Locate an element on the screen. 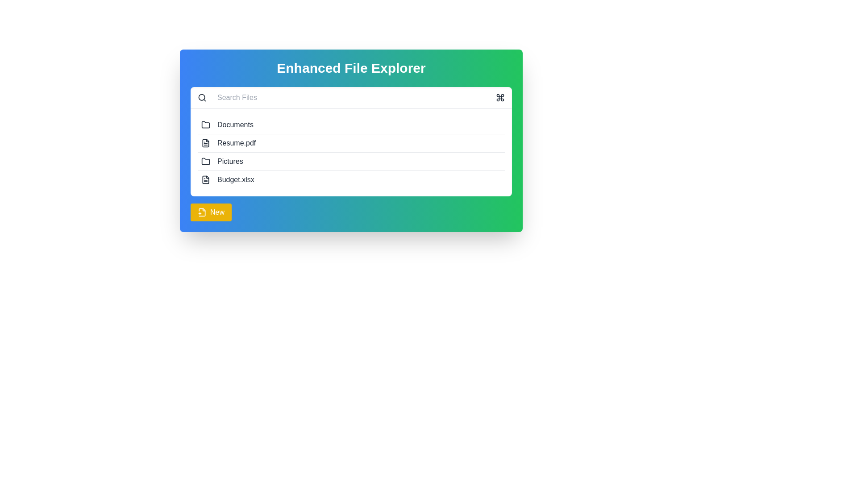 This screenshot has height=482, width=857. the SVG-based folder icon located in the top-left corner of the first row in the file explorer interface, positioned to the left of the 'Documents' text is located at coordinates (205, 124).